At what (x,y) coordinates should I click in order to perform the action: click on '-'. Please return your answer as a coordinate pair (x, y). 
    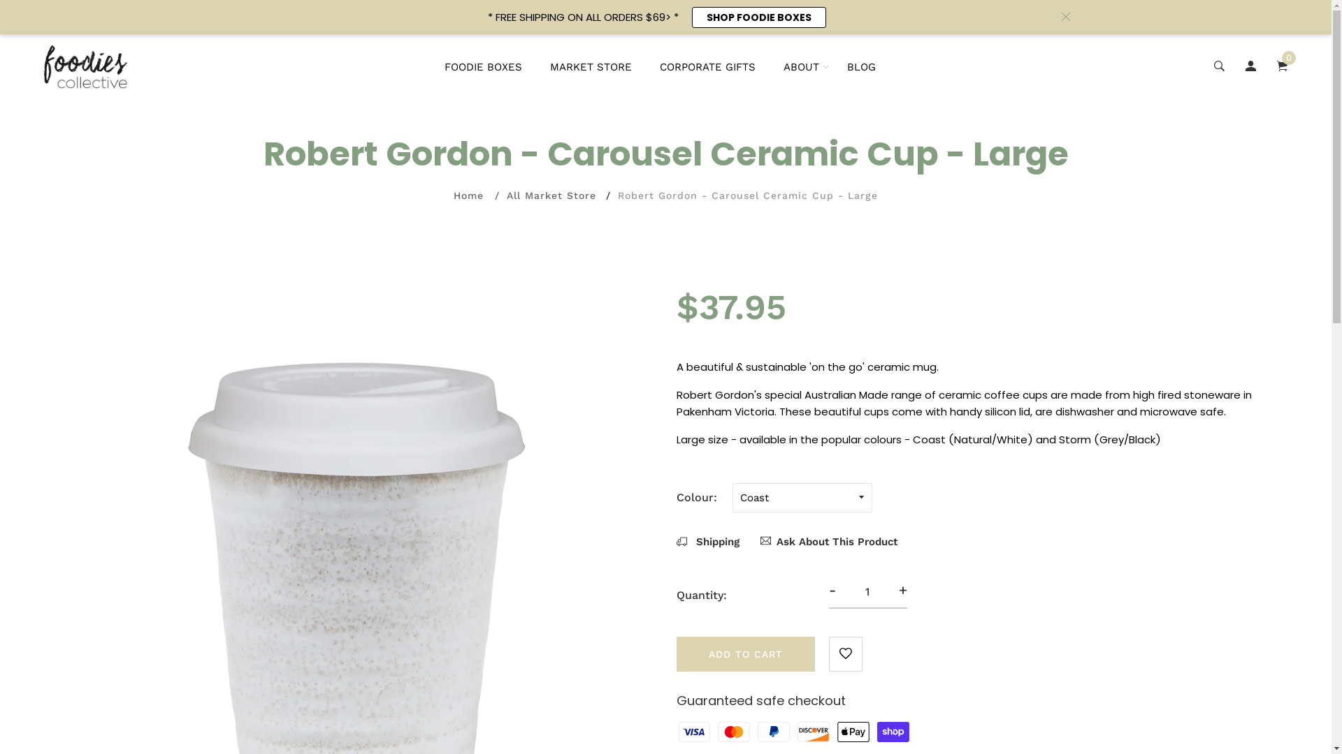
    Looking at the image, I should click on (832, 589).